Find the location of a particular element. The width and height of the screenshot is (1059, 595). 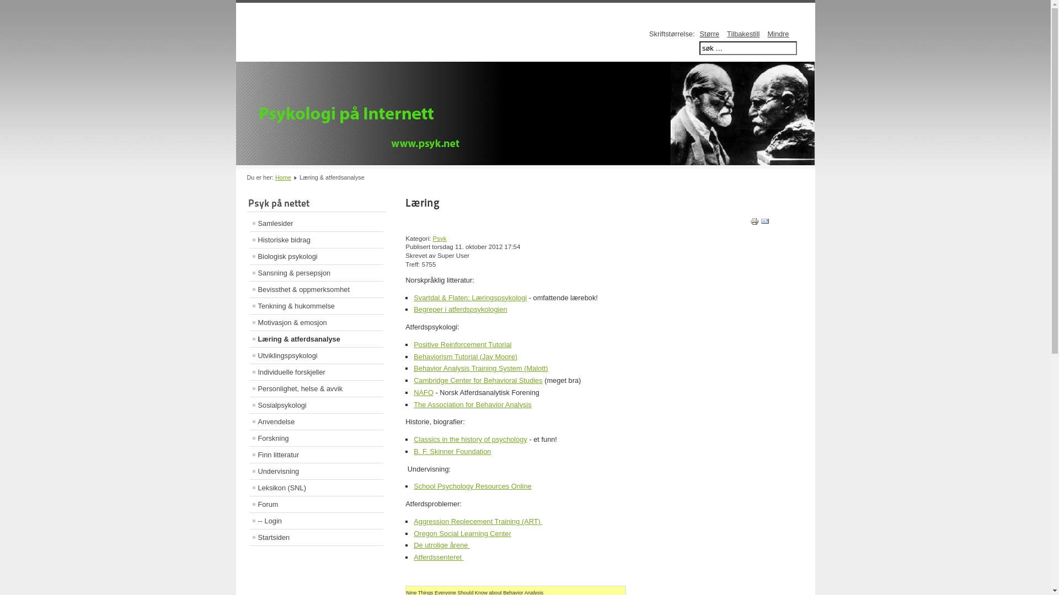

'Utviklingspsykologi' is located at coordinates (315, 355).